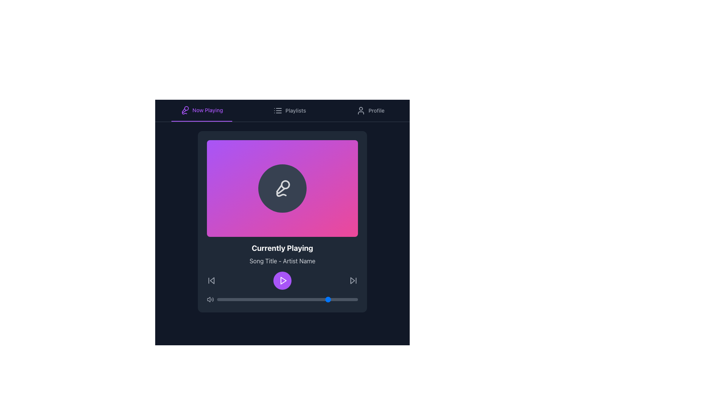  Describe the element at coordinates (282, 281) in the screenshot. I see `the play button located centrally at the bottom of the music player's main section` at that location.